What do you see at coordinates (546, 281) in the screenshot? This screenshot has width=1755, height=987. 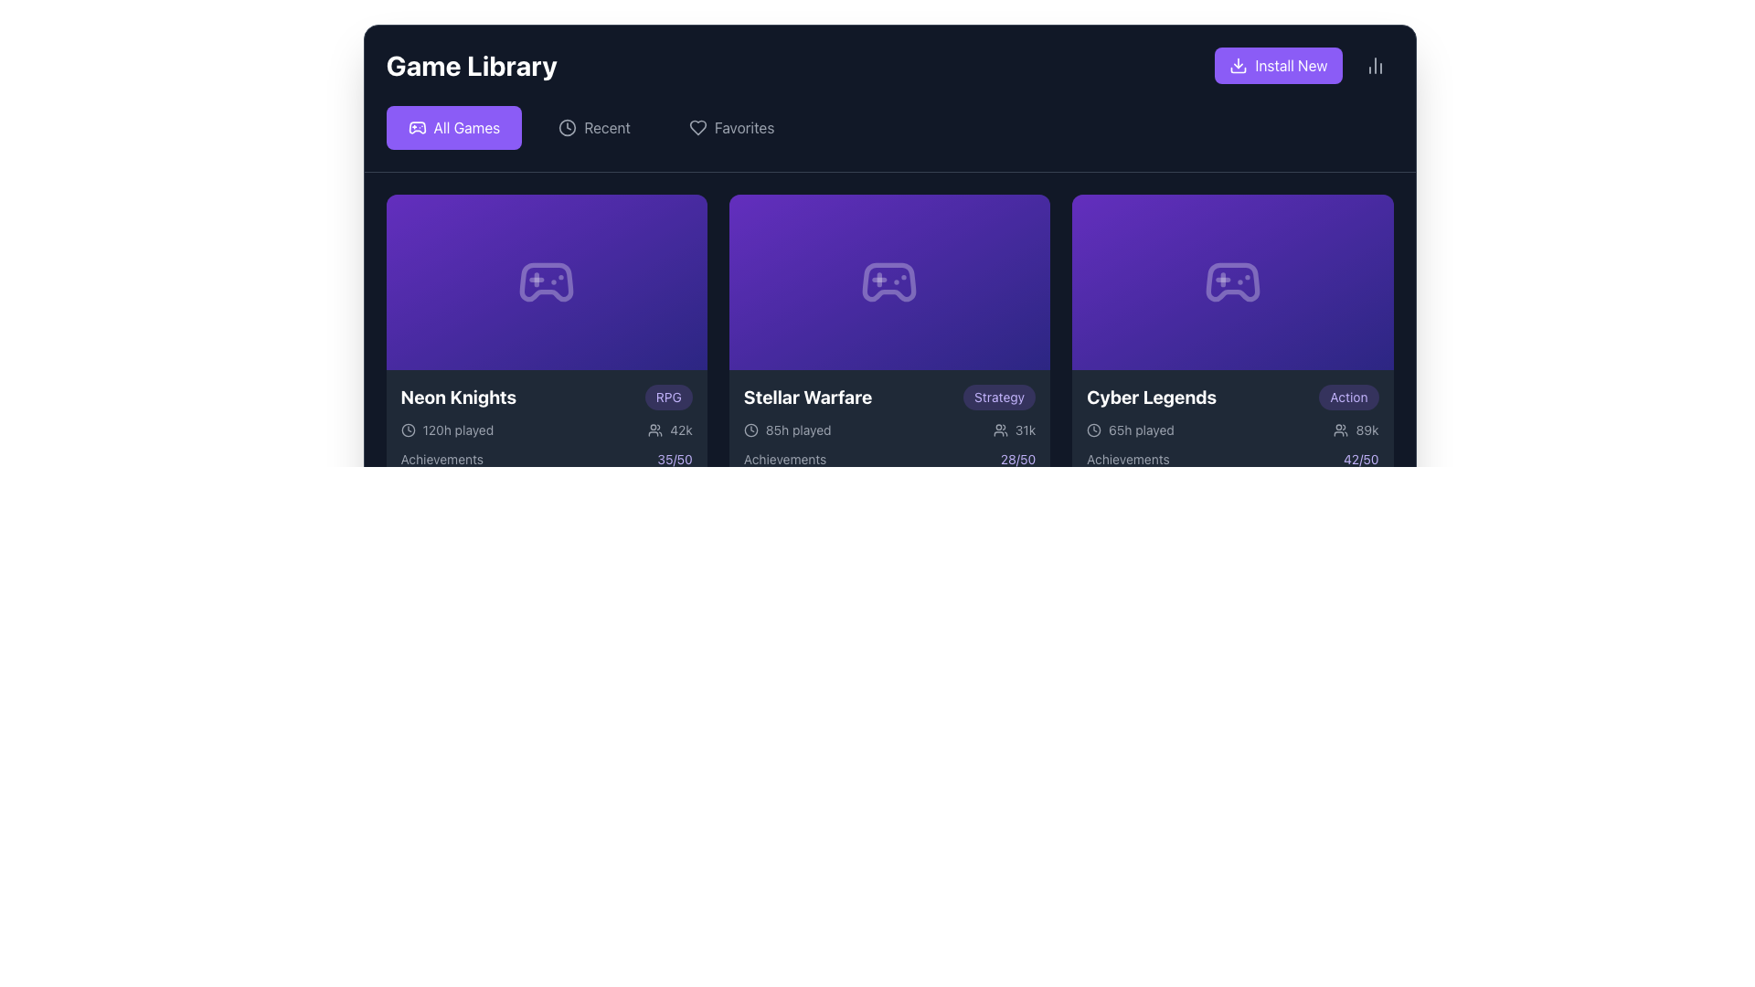 I see `the decorative icon in the first game card under the 'Game Library' section` at bounding box center [546, 281].